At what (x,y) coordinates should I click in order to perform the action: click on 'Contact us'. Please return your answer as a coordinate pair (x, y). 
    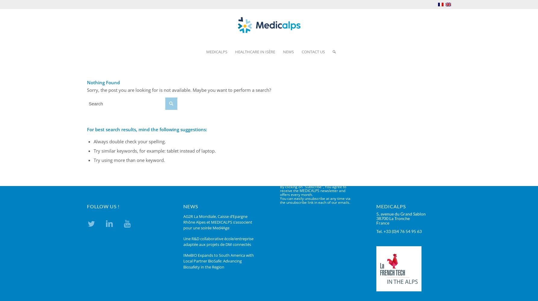
    Looking at the image, I should click on (313, 52).